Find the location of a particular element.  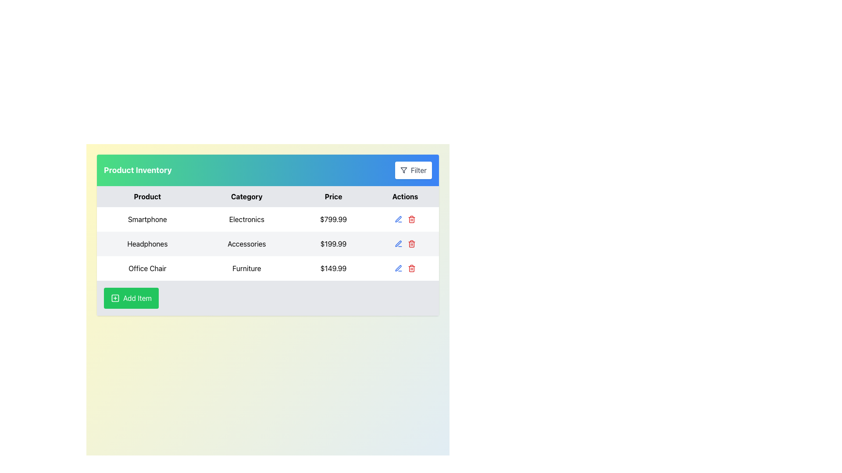

the Text Display showing the price '$799.99' located in the third cell of the first row under the 'Price' column, aligned with the 'Smartphone' product row is located at coordinates (333, 219).